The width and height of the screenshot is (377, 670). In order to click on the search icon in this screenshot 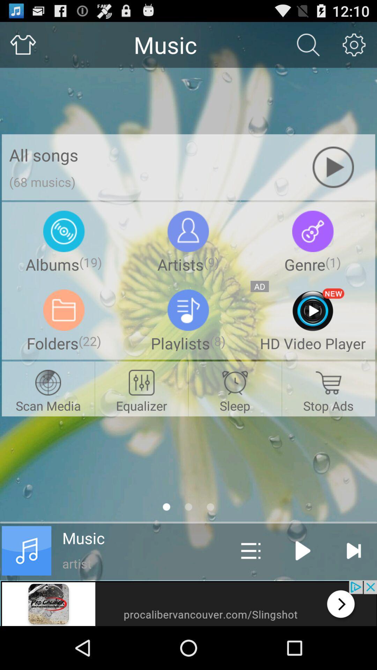, I will do `click(308, 47)`.